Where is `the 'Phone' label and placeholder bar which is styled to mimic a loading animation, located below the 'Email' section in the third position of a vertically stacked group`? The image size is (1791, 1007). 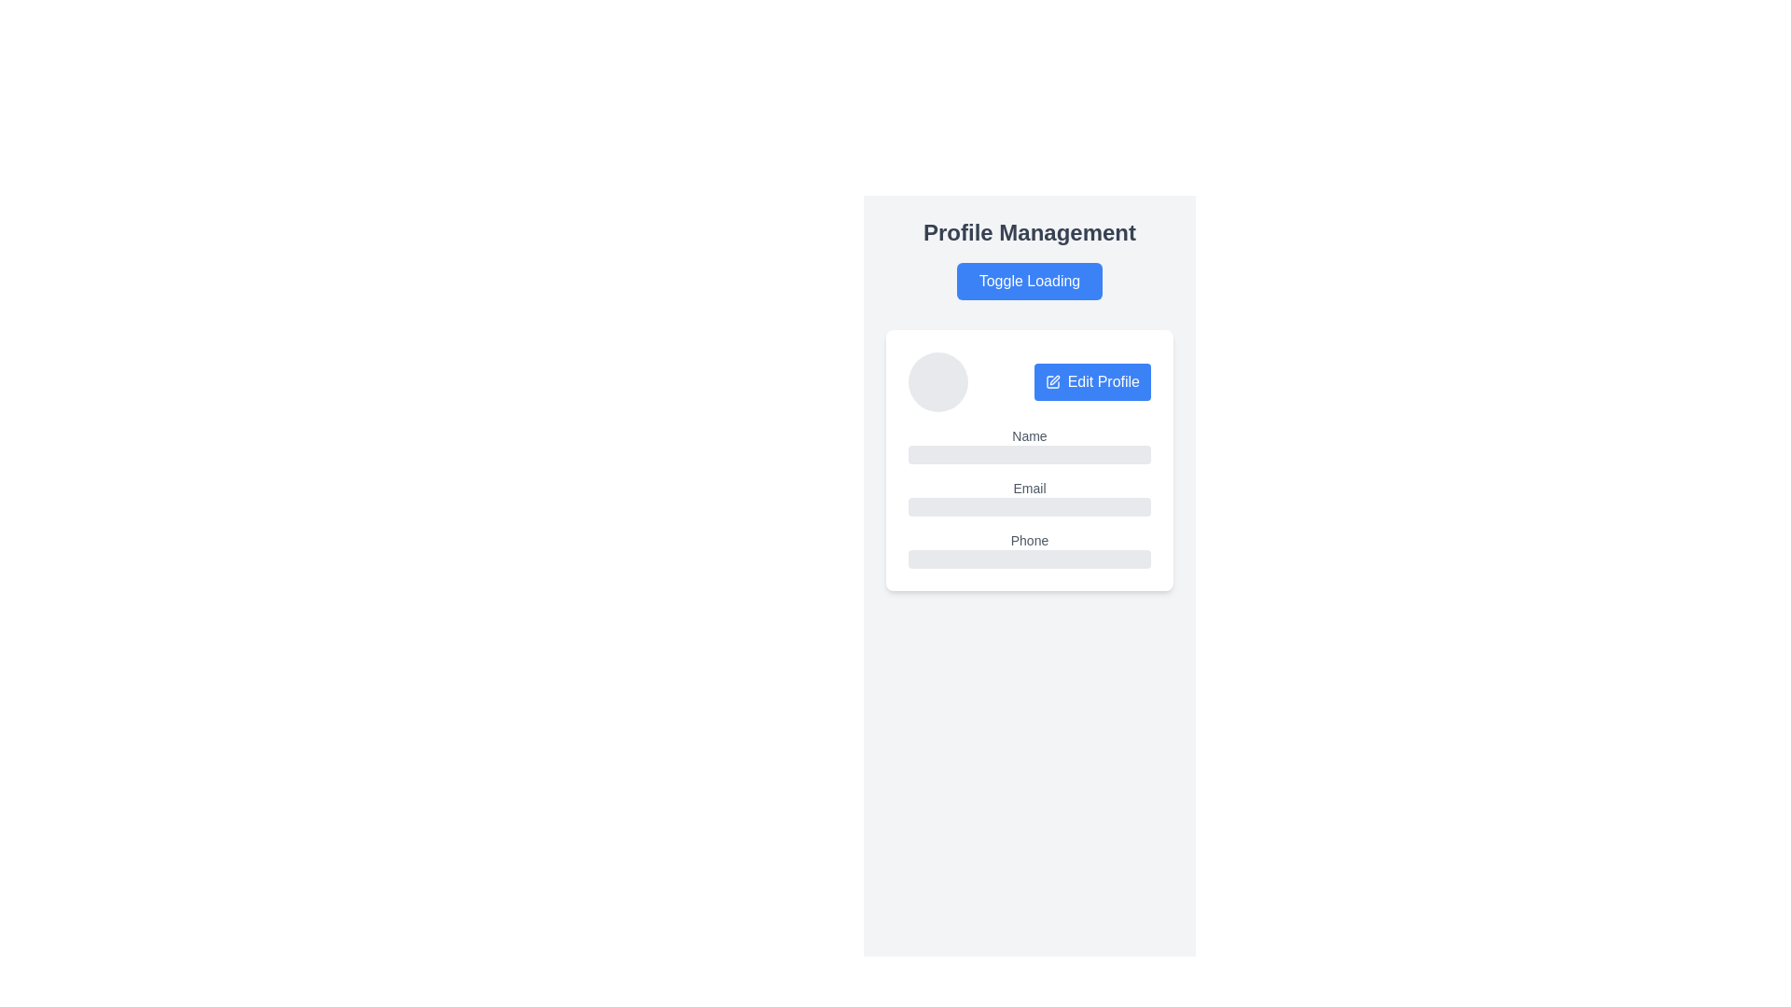
the 'Phone' label and placeholder bar which is styled to mimic a loading animation, located below the 'Email' section in the third position of a vertically stacked group is located at coordinates (1029, 549).